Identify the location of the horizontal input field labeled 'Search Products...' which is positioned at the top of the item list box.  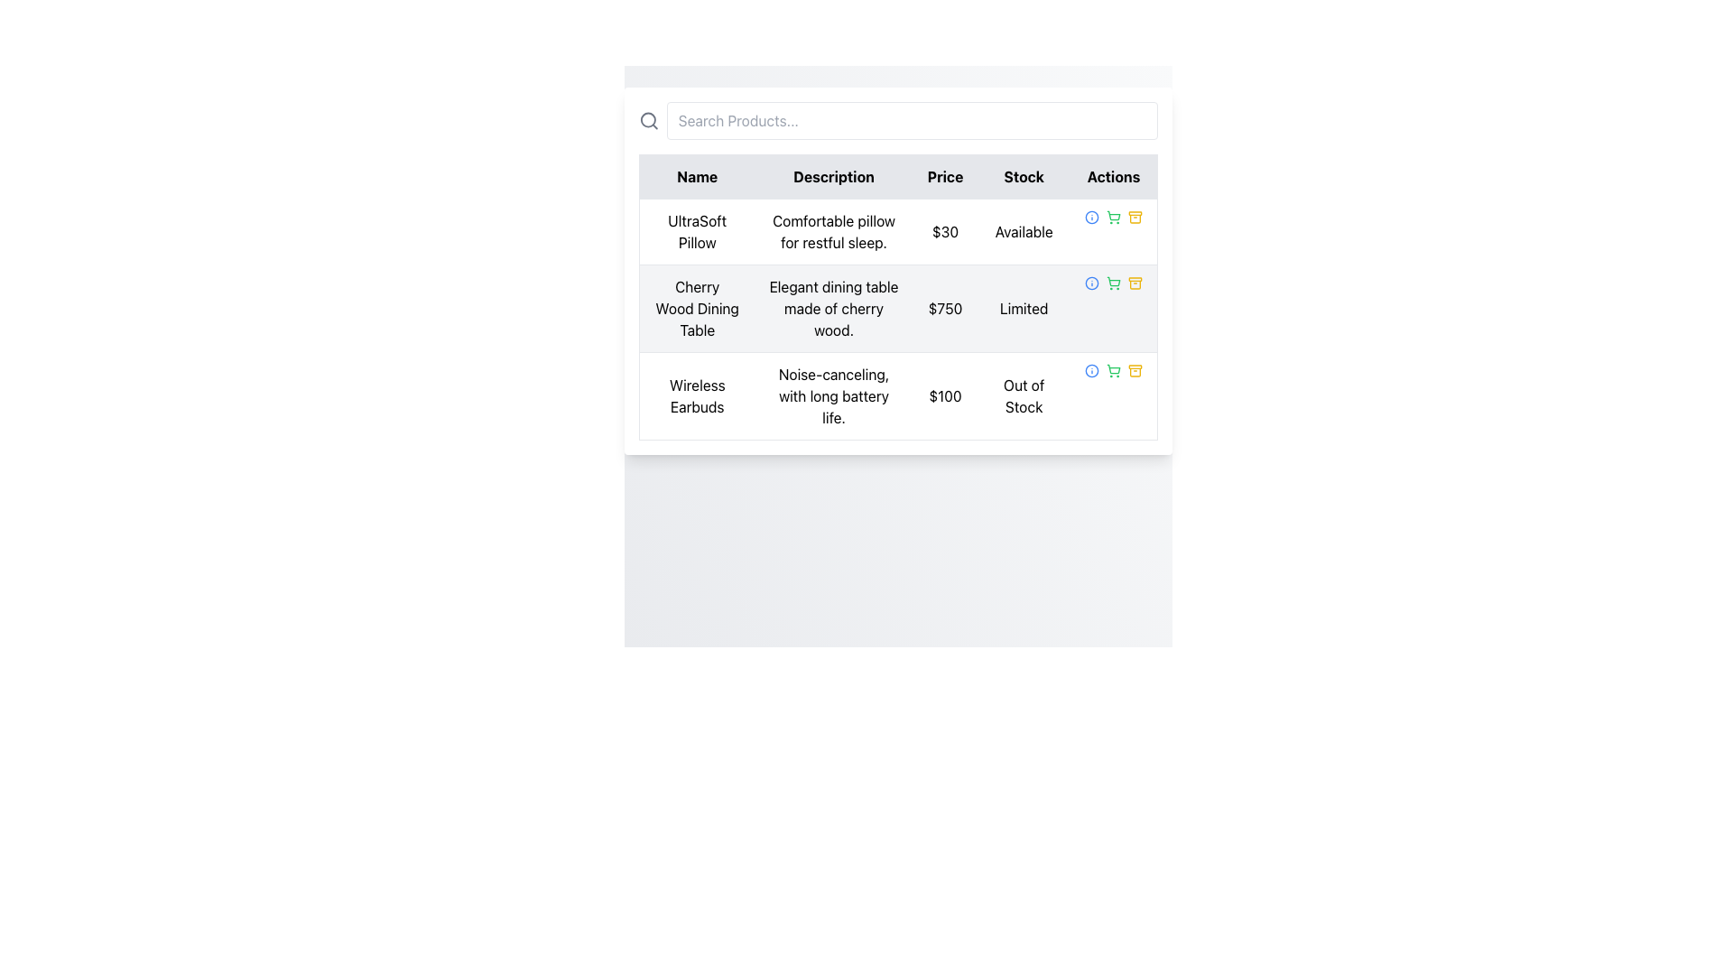
(898, 121).